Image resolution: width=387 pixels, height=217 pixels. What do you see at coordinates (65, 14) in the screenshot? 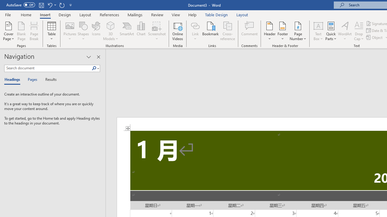
I see `'Design'` at bounding box center [65, 14].